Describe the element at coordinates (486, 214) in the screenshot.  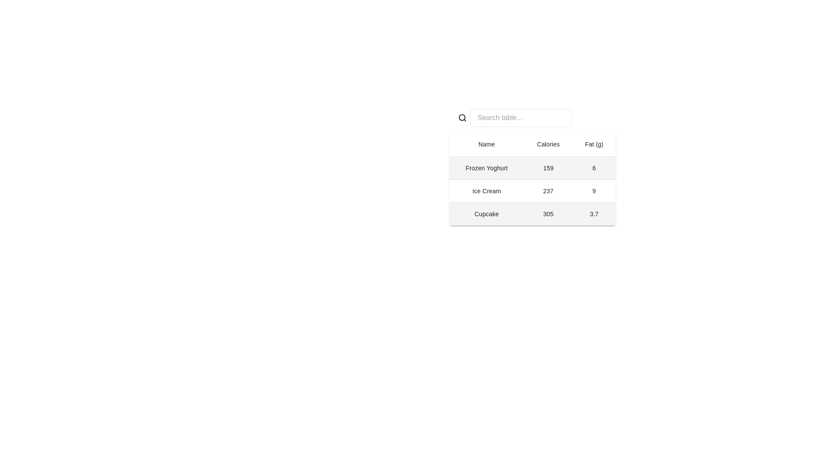
I see `the table cell displaying the text 'Cupcake'` at that location.